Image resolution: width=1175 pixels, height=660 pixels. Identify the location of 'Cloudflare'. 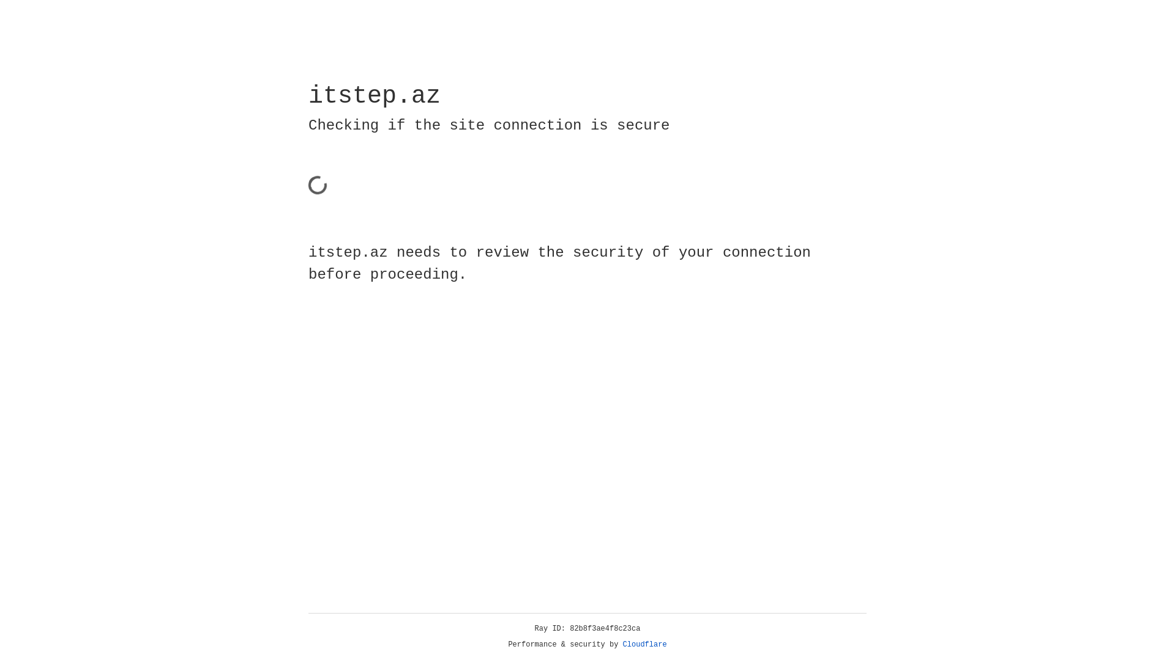
(644, 644).